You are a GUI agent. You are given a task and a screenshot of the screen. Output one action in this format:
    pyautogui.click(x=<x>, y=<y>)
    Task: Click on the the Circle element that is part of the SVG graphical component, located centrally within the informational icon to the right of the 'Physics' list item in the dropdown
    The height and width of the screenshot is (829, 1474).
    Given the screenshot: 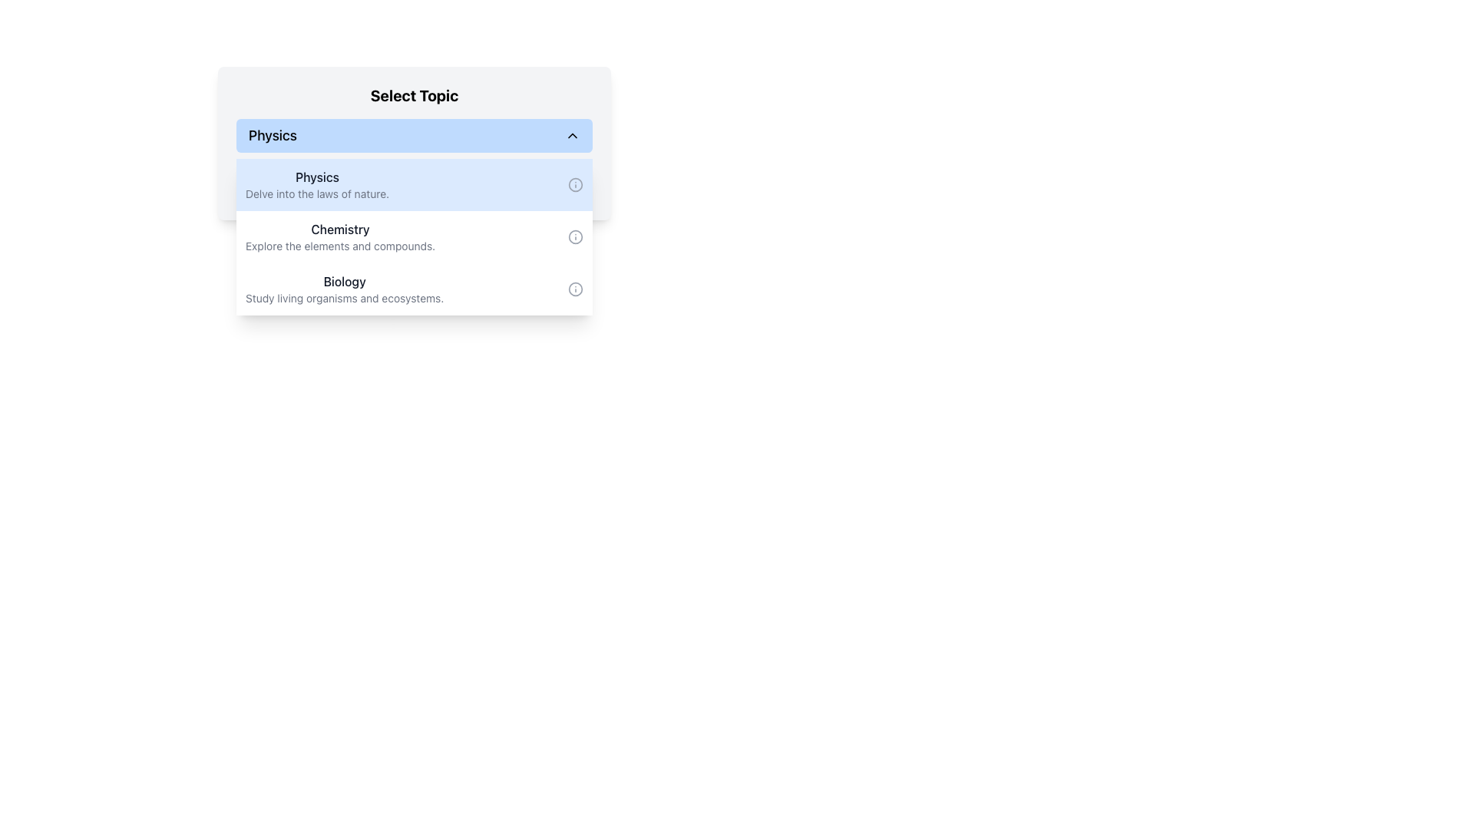 What is the action you would take?
    pyautogui.click(x=574, y=183)
    